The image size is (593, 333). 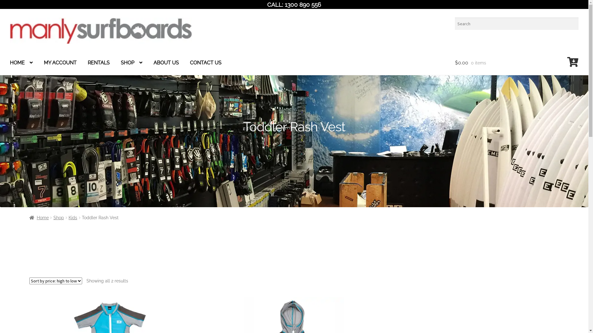 What do you see at coordinates (517, 63) in the screenshot?
I see `'$0.00 0 items'` at bounding box center [517, 63].